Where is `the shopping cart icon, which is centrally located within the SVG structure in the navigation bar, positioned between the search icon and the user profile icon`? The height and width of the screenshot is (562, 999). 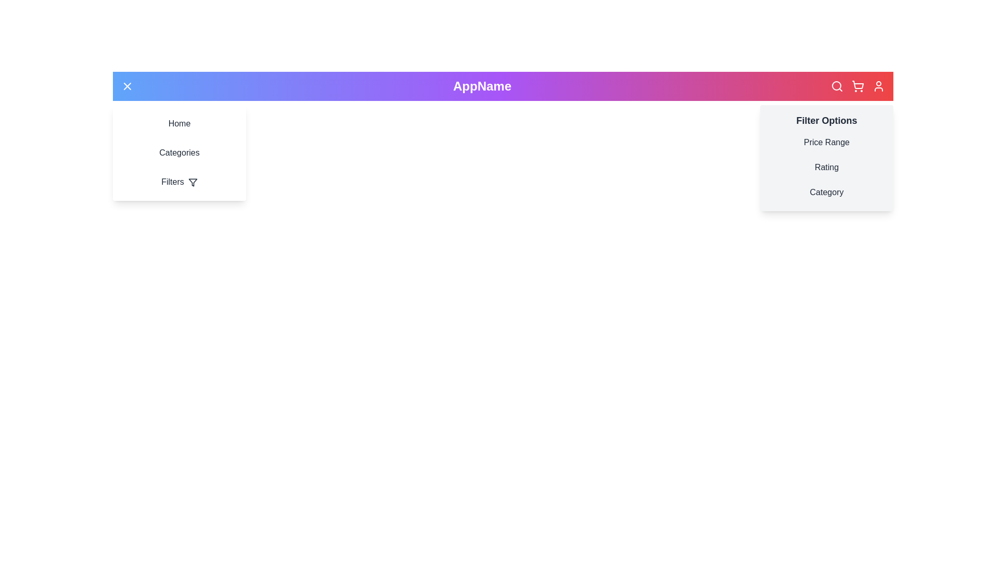
the shopping cart icon, which is centrally located within the SVG structure in the navigation bar, positioned between the search icon and the user profile icon is located at coordinates (858, 84).